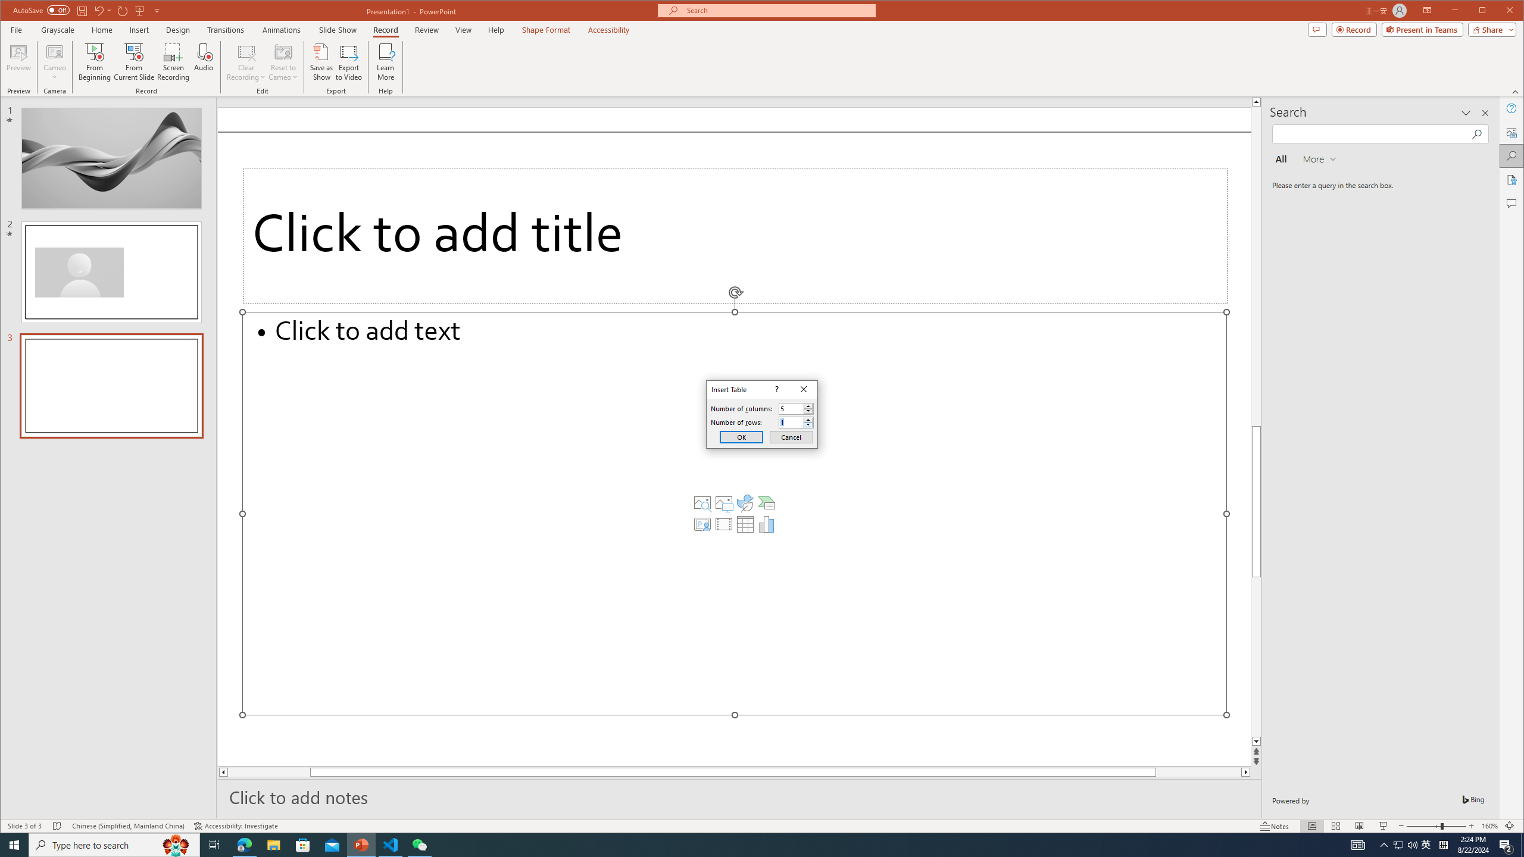  Describe the element at coordinates (741, 437) in the screenshot. I see `'OK'` at that location.